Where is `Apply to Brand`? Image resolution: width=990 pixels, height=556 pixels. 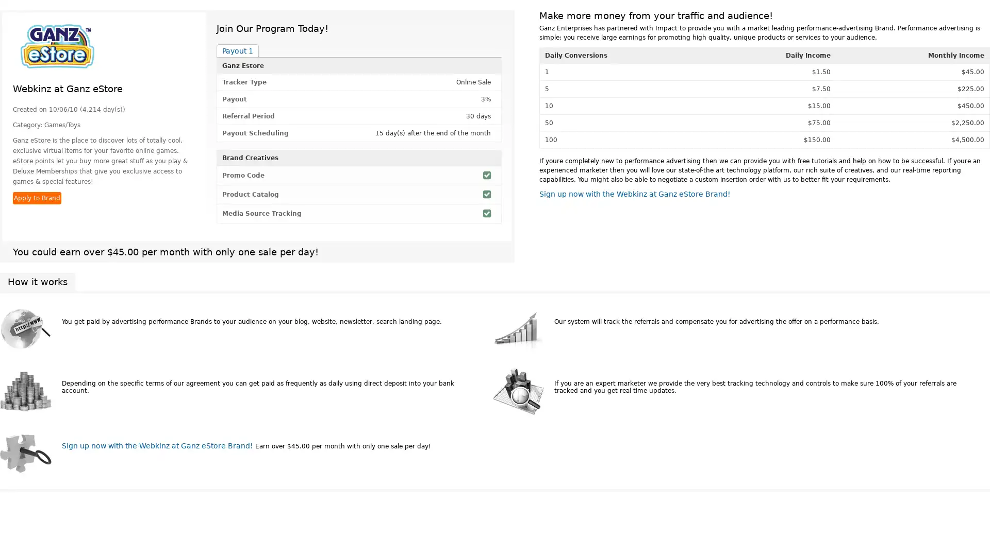
Apply to Brand is located at coordinates (37, 198).